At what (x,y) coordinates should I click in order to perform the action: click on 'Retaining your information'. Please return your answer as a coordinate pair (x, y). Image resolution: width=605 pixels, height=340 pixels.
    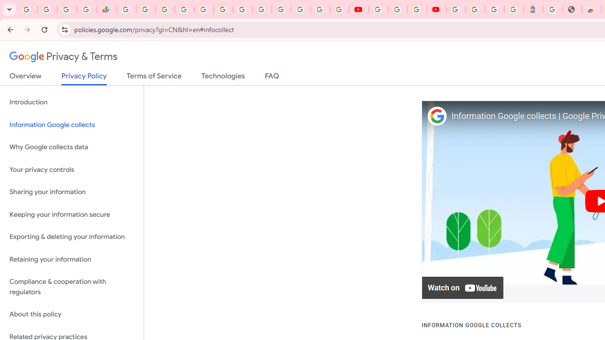
    Looking at the image, I should click on (71, 259).